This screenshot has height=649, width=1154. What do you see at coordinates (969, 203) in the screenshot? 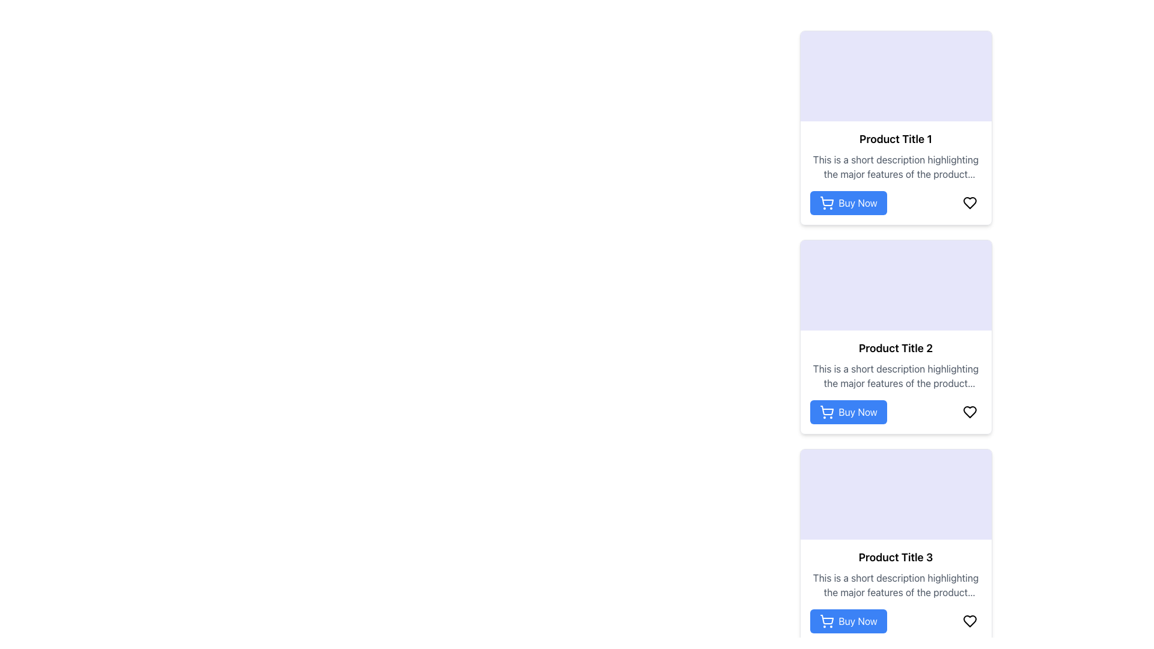
I see `the heart-shaped icon located at the right bottom corner of the card labeled 'Product Title 1'` at bounding box center [969, 203].